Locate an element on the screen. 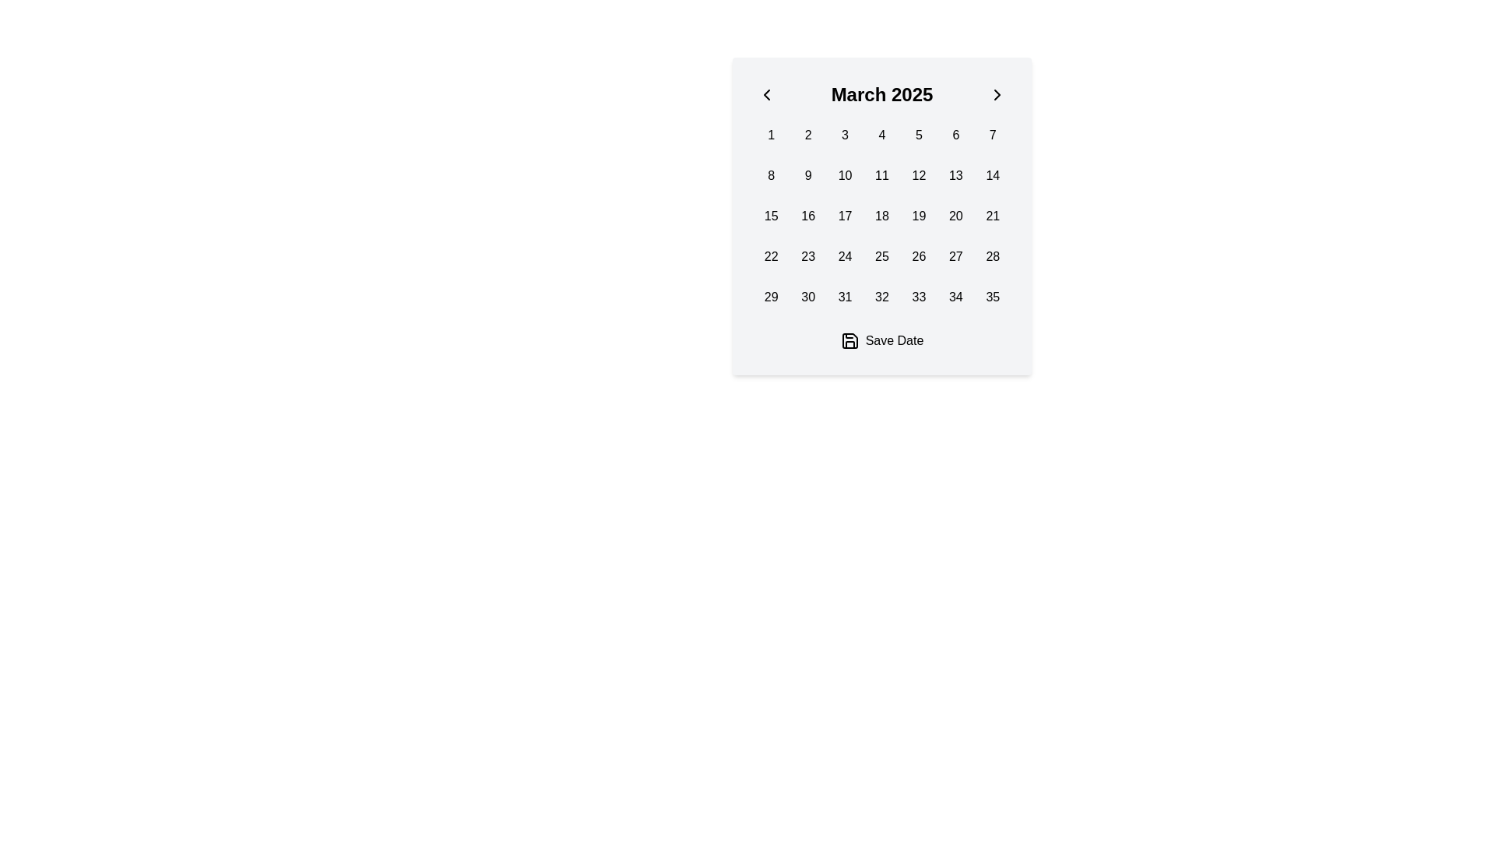 The image size is (1495, 841). the selectable day button in the calendar widget located in the second row, first column of the grid, which is positioned just below the label 'March 2025' is located at coordinates (771, 175).